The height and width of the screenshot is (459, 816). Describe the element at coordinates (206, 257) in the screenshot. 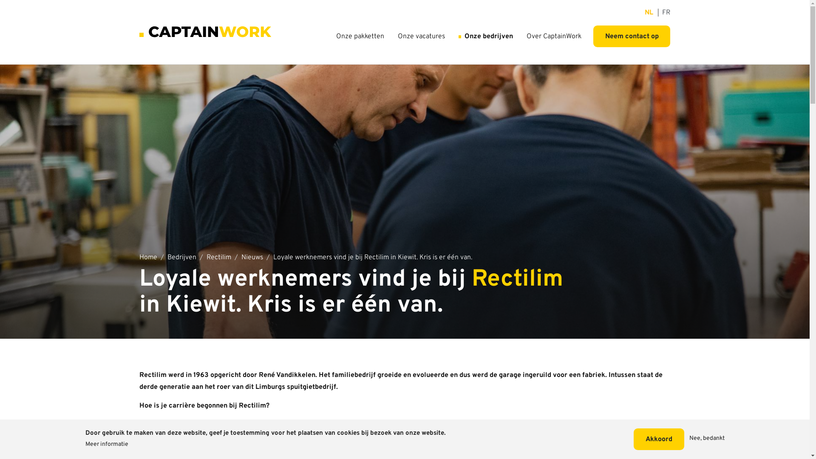

I see `'Rectilim'` at that location.